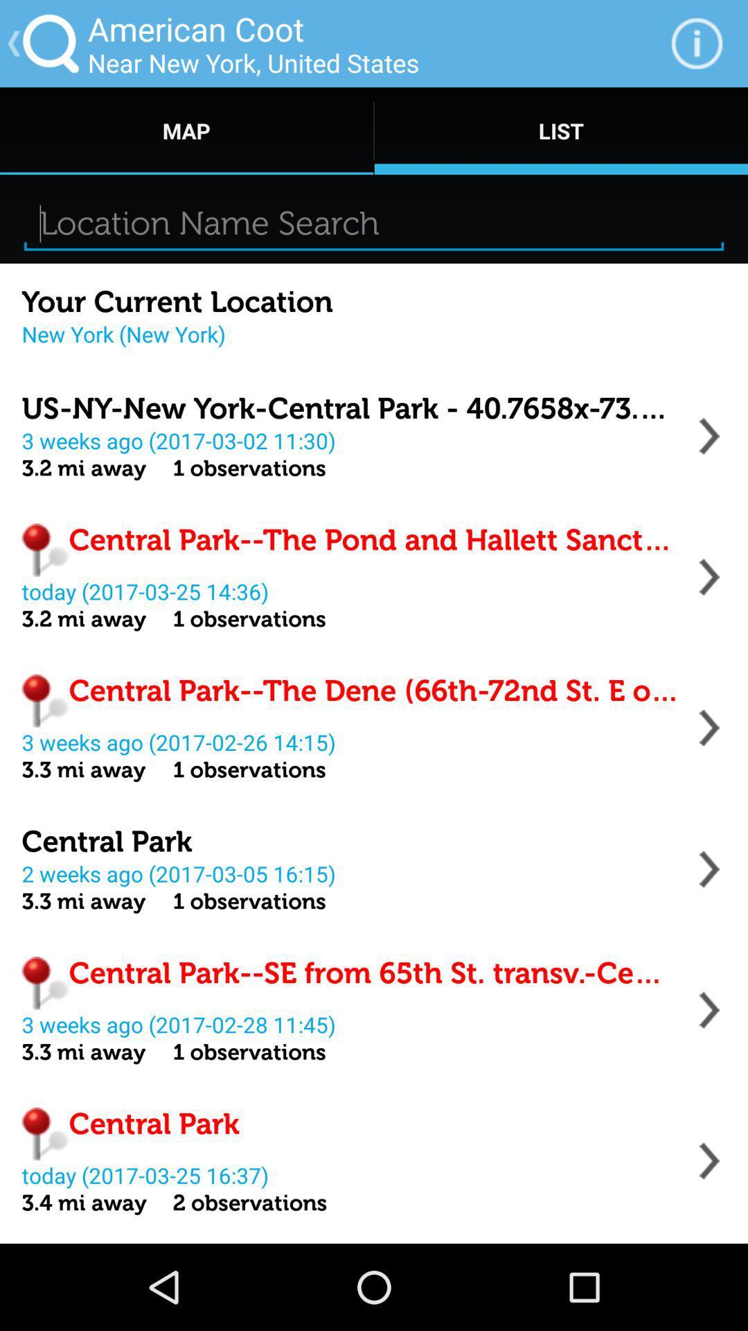 This screenshot has width=748, height=1331. What do you see at coordinates (374, 223) in the screenshot?
I see `location search box` at bounding box center [374, 223].